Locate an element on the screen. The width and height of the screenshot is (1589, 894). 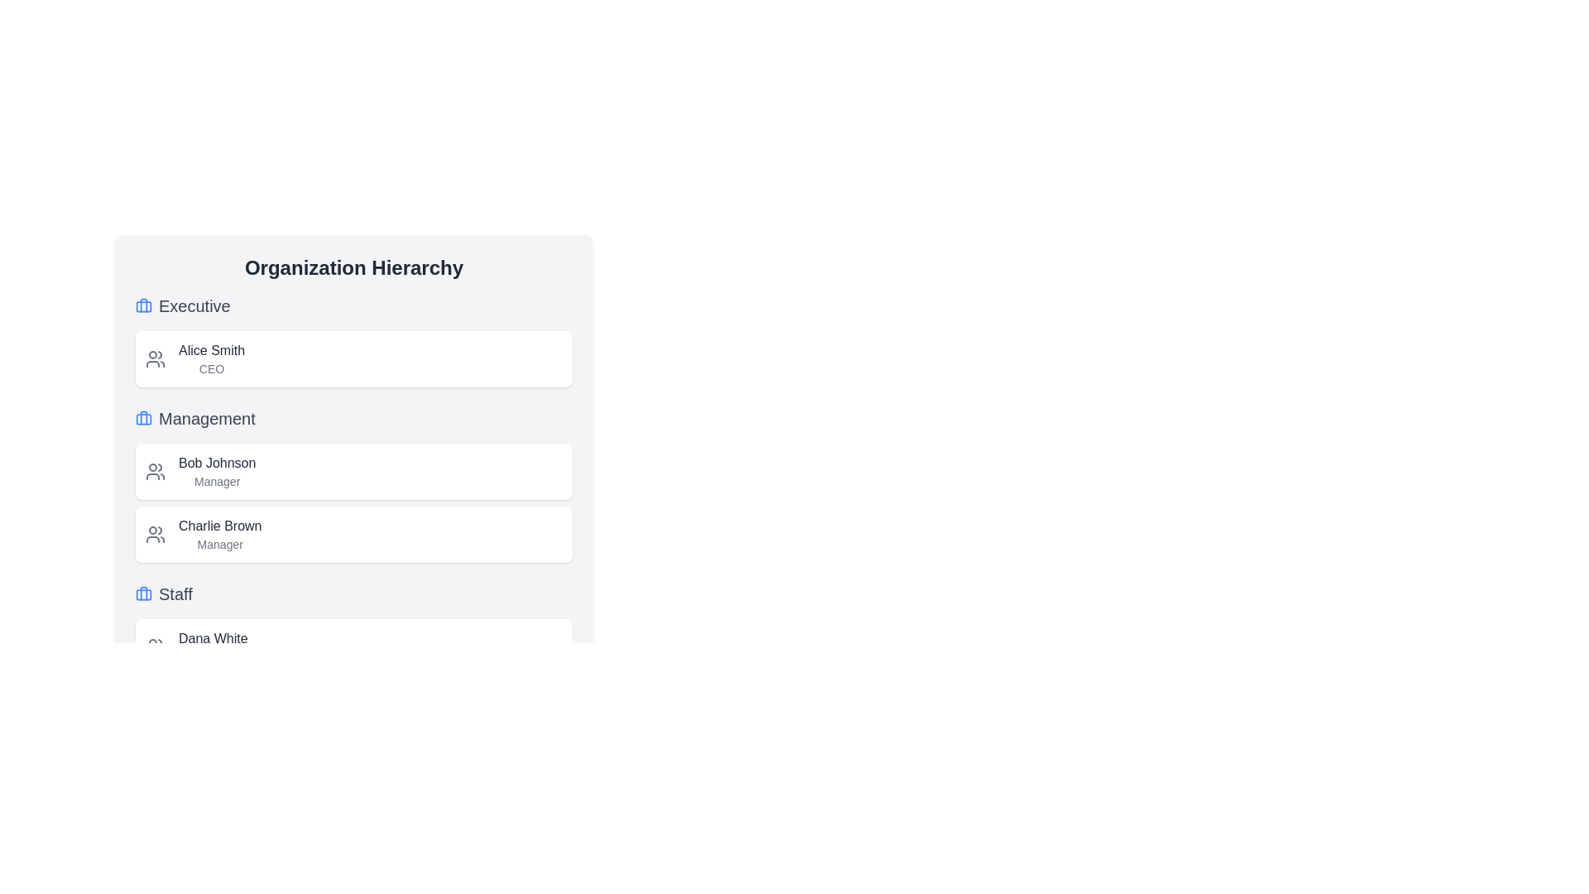
the List Item element labeled 'Charlie Brown' is located at coordinates (353, 534).